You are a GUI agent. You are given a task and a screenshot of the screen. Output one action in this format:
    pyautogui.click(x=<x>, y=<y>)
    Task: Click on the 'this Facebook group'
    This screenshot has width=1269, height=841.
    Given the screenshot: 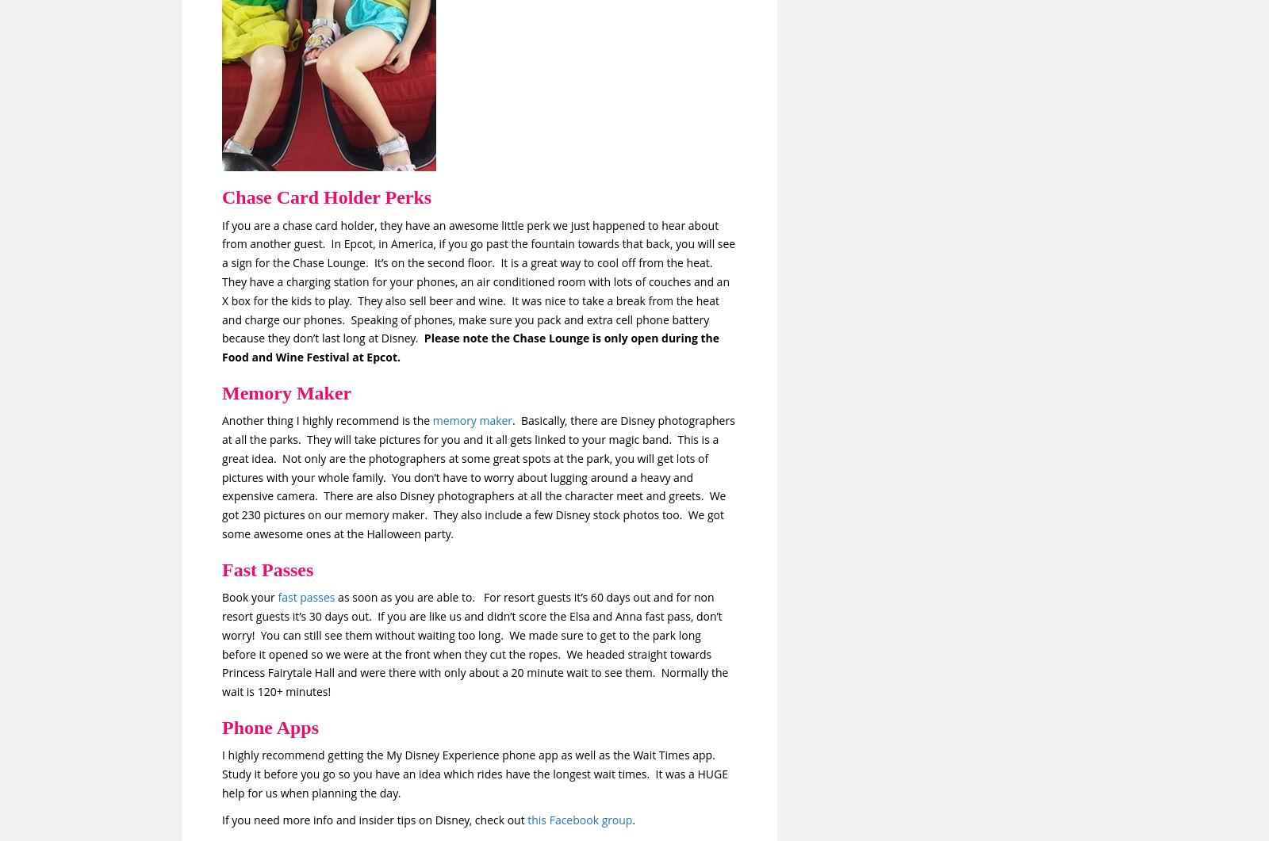 What is the action you would take?
    pyautogui.click(x=580, y=818)
    